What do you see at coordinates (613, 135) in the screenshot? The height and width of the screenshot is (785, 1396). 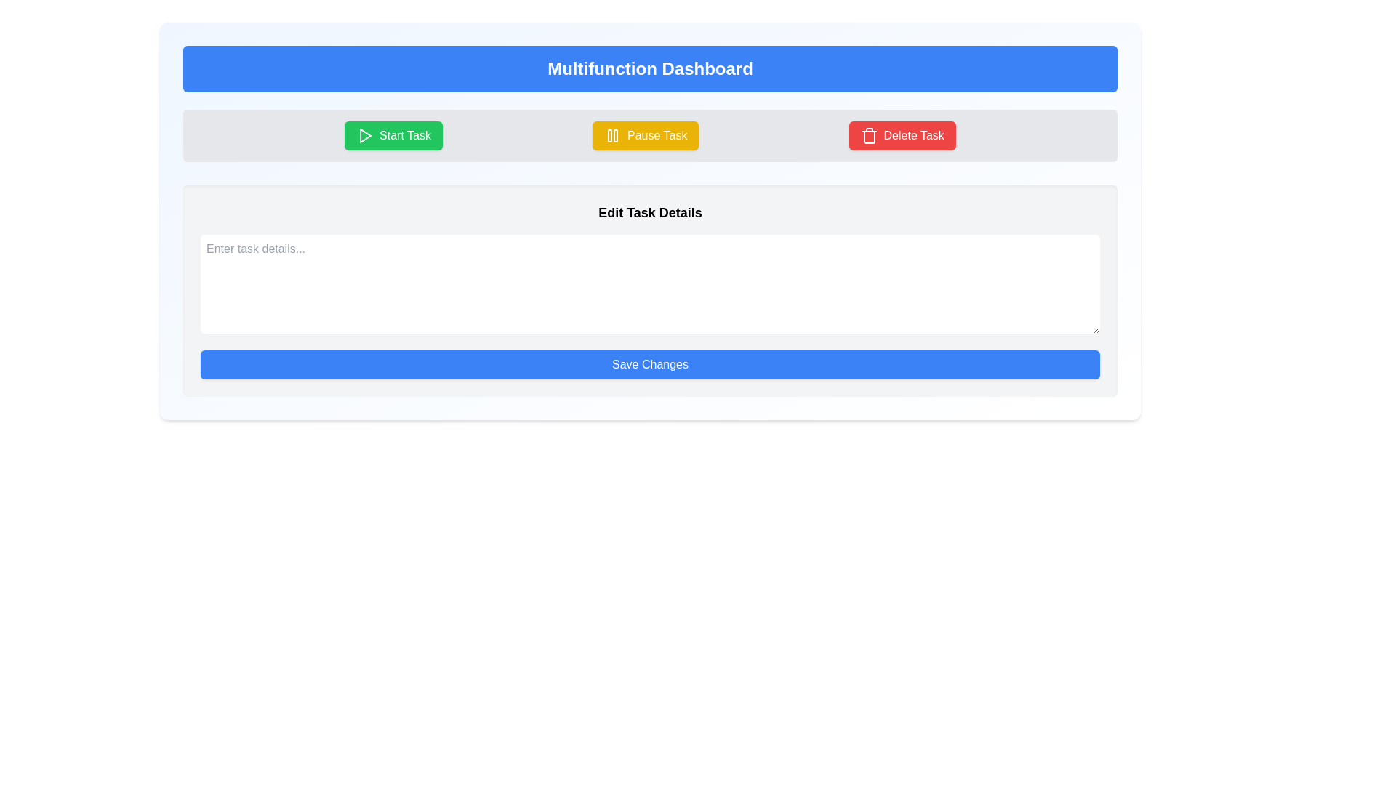 I see `the 'Pause Task' icon, which visually represents the pause functionality and is centrally located within the 'Pause Task' button` at bounding box center [613, 135].